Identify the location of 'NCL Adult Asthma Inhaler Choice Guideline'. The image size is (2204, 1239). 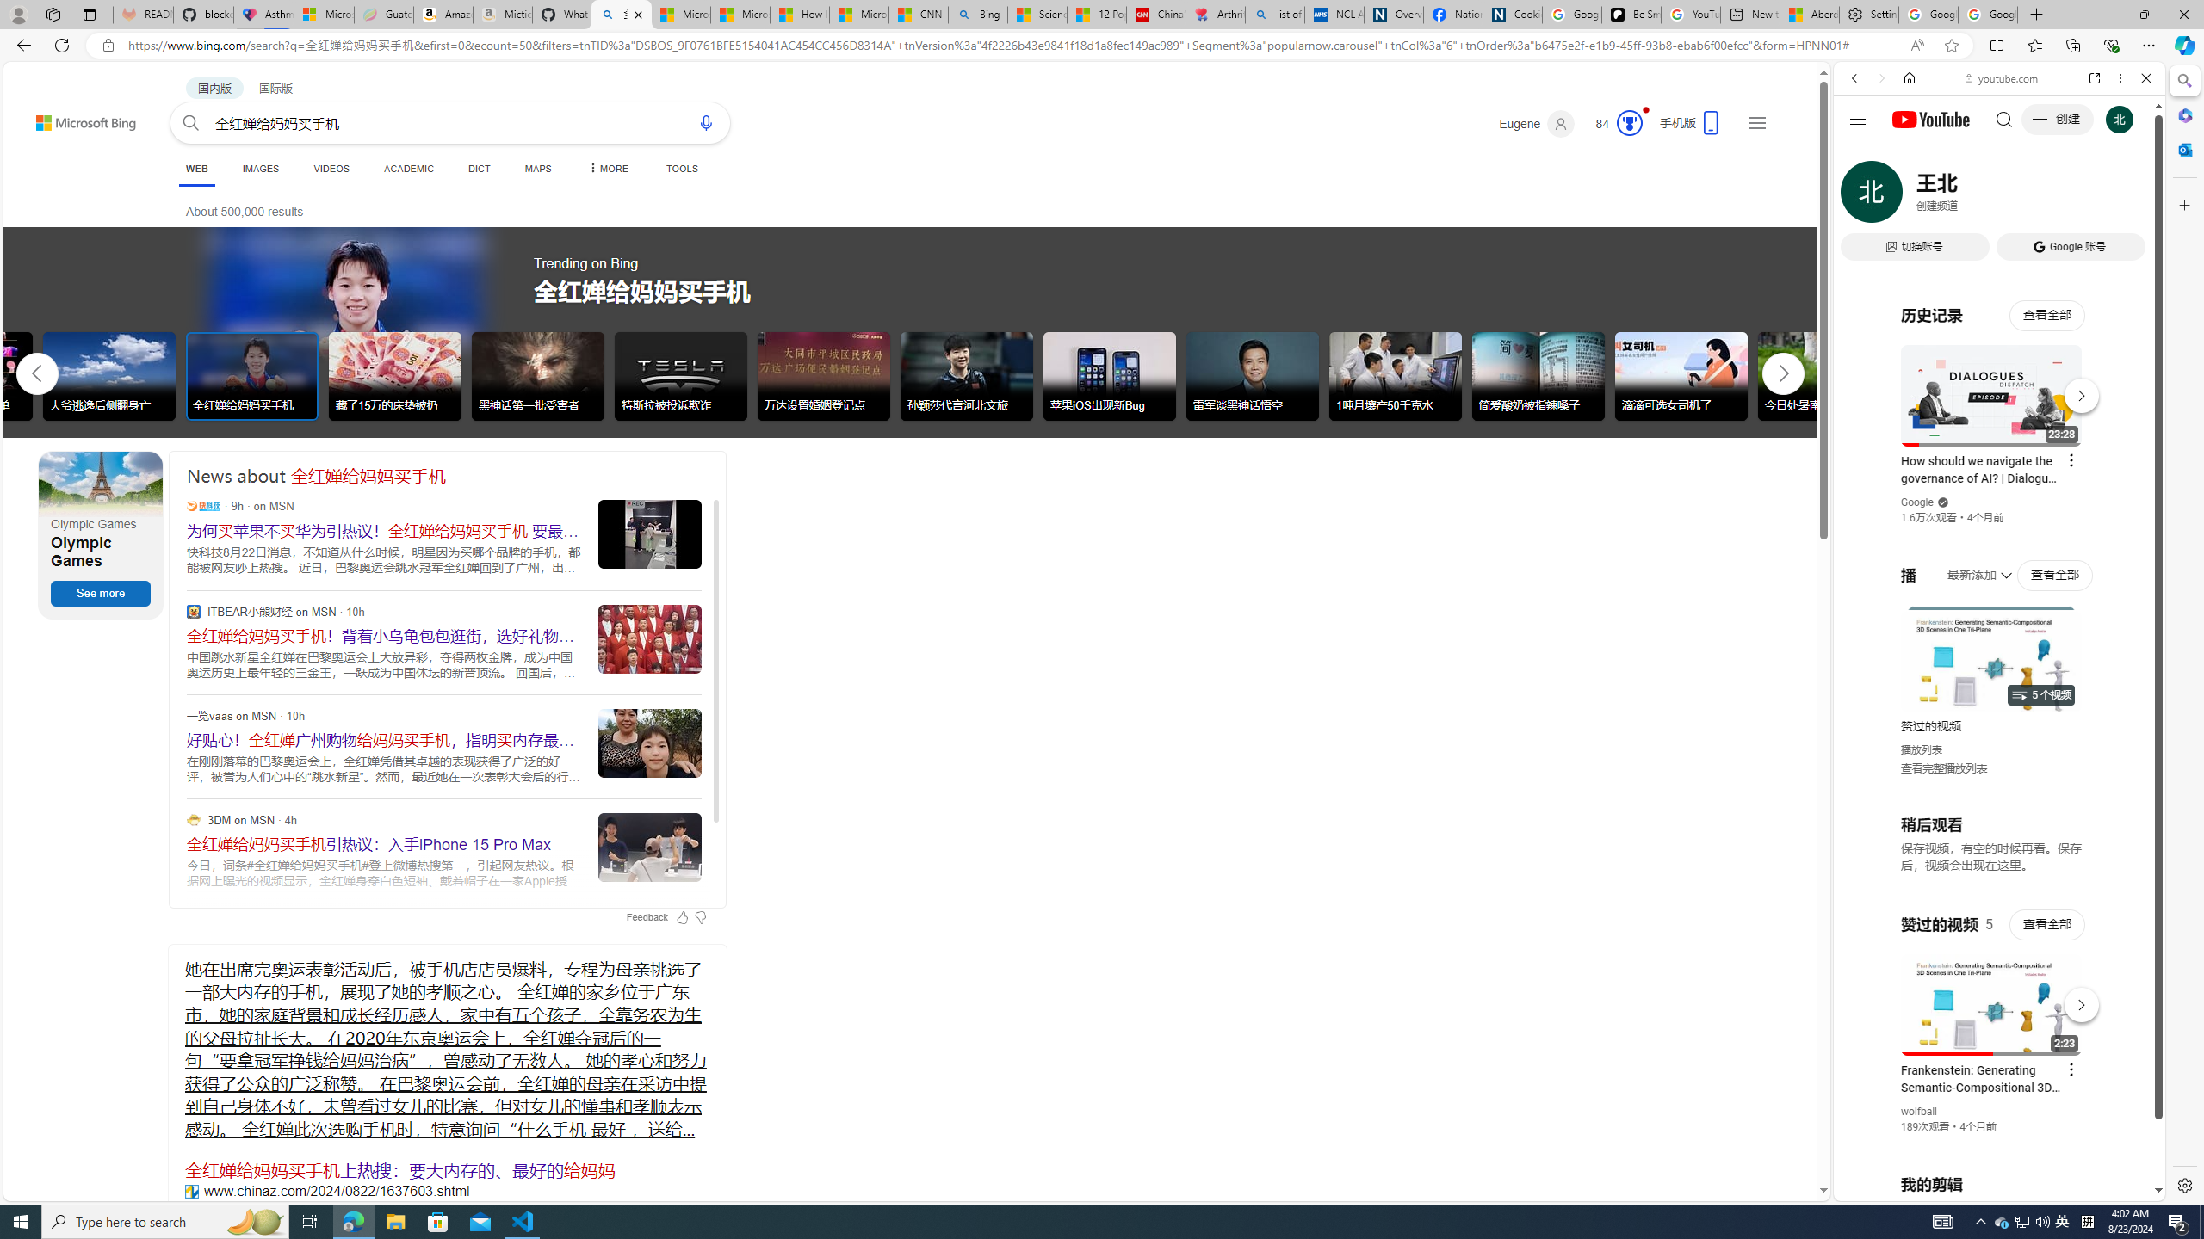
(1334, 14).